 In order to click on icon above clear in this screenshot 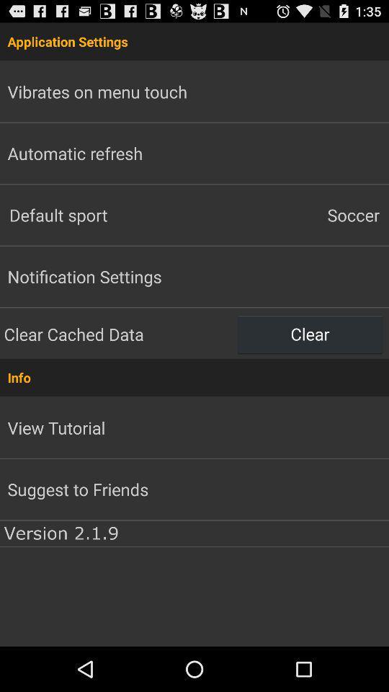, I will do `click(292, 214)`.